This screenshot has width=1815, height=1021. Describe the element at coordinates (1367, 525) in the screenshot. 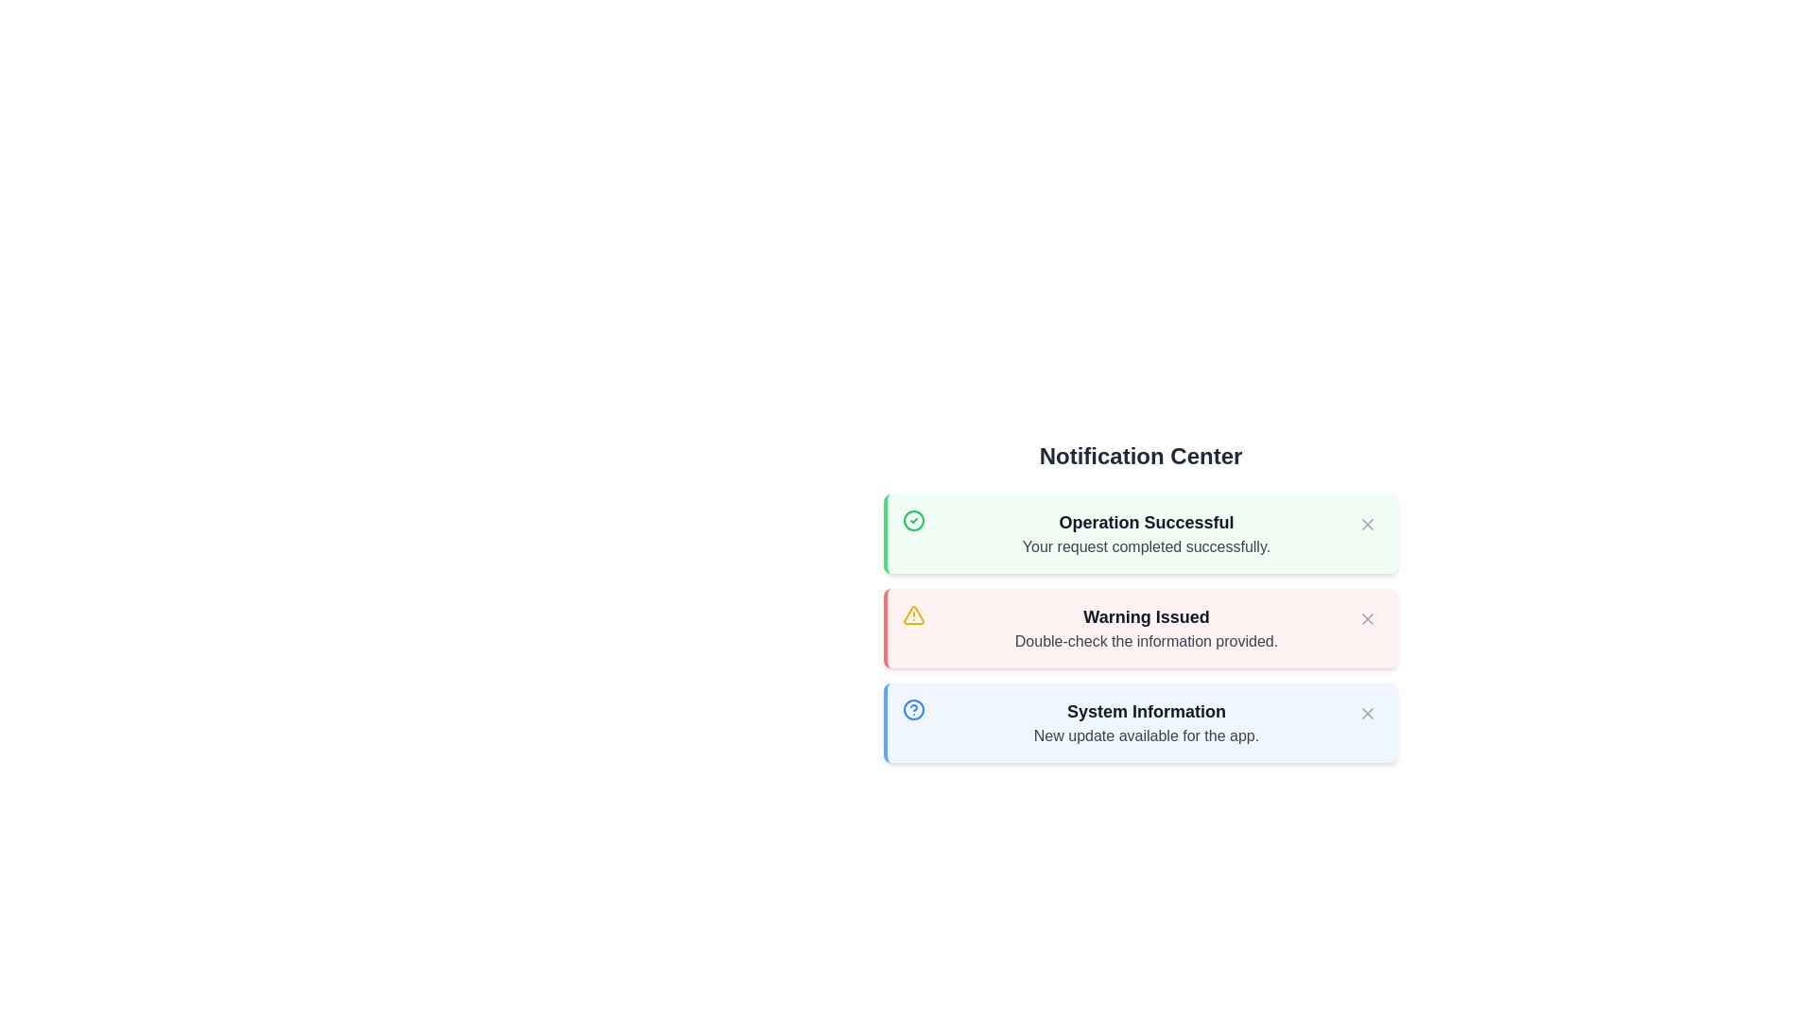

I see `the dismiss button located in the top-right corner of the green notification box to observe a color change` at that location.